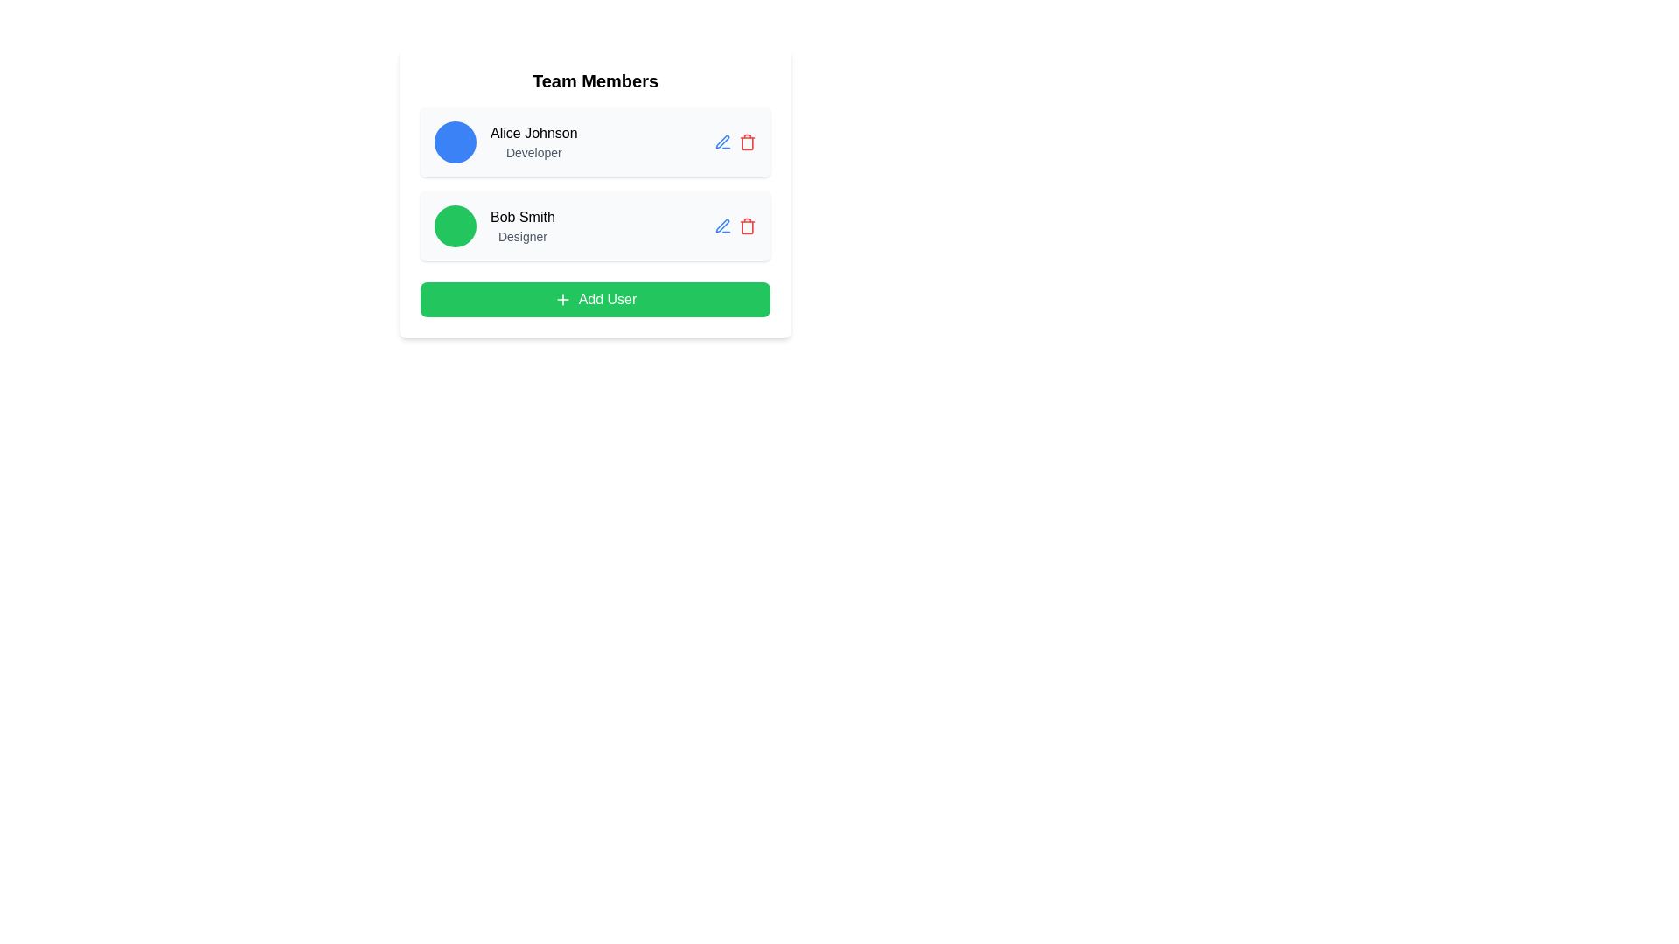 This screenshot has height=944, width=1679. Describe the element at coordinates (521, 236) in the screenshot. I see `the Text label displaying the role associated with 'Bob Smith', located beneath the name in the 'Team Members' list` at that location.